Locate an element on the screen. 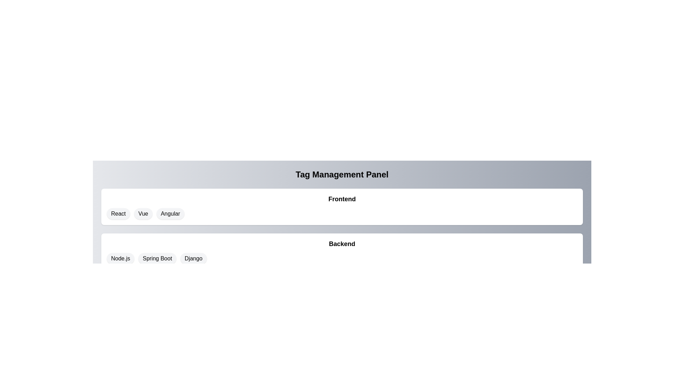  the first badge-like button representing 'Node.js' in the Backend section is located at coordinates (121, 259).